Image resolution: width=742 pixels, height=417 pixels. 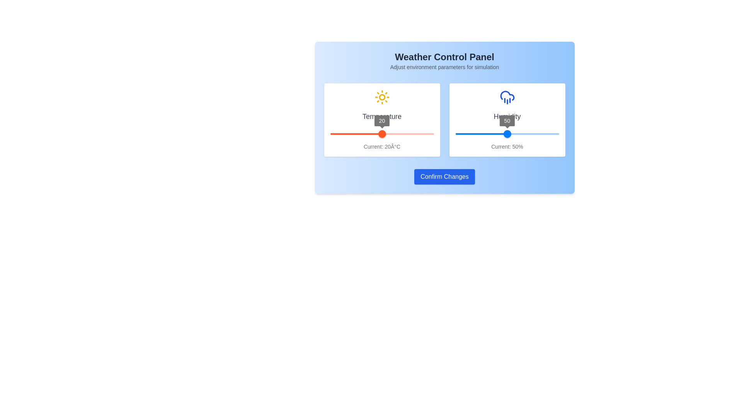 I want to click on the humidity percentage, so click(x=489, y=134).